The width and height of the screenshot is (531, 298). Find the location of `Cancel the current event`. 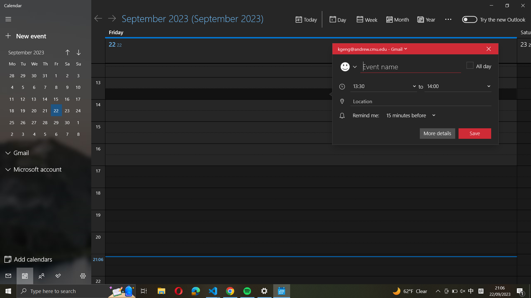

Cancel the current event is located at coordinates (488, 48).